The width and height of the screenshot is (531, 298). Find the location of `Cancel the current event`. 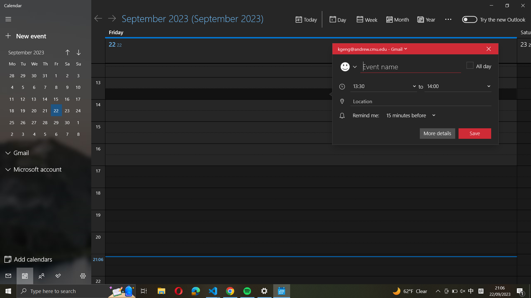

Cancel the current event is located at coordinates (488, 48).